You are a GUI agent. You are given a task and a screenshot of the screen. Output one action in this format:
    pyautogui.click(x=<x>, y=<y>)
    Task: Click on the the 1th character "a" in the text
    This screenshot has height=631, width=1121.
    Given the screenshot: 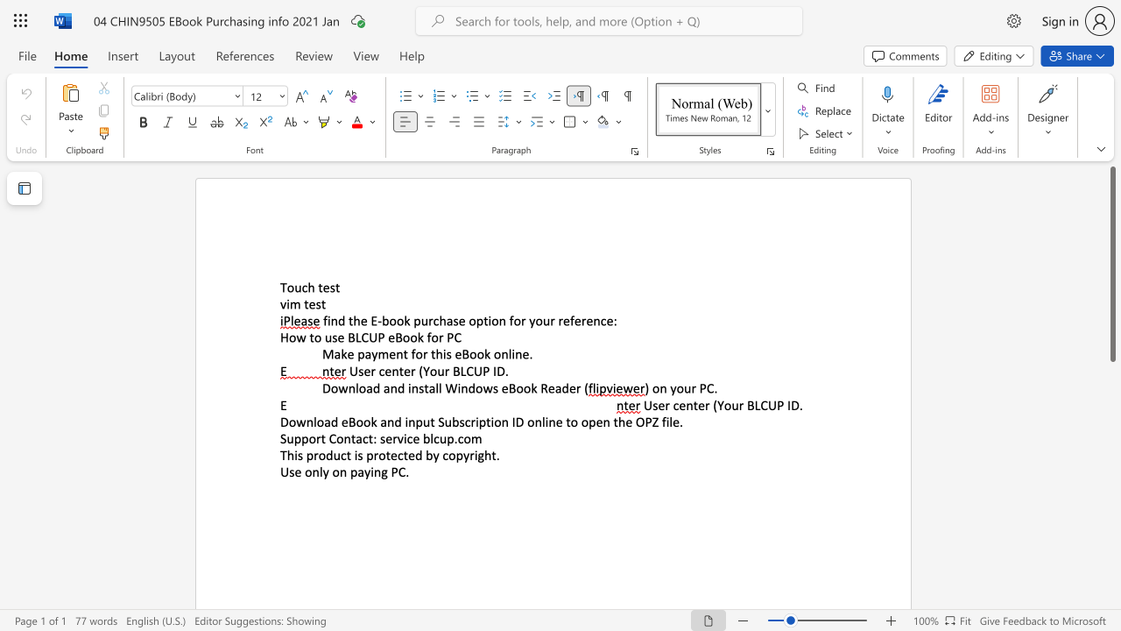 What is the action you would take?
    pyautogui.click(x=449, y=321)
    